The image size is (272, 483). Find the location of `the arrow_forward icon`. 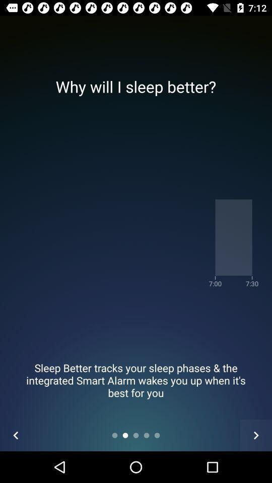

the arrow_forward icon is located at coordinates (256, 435).